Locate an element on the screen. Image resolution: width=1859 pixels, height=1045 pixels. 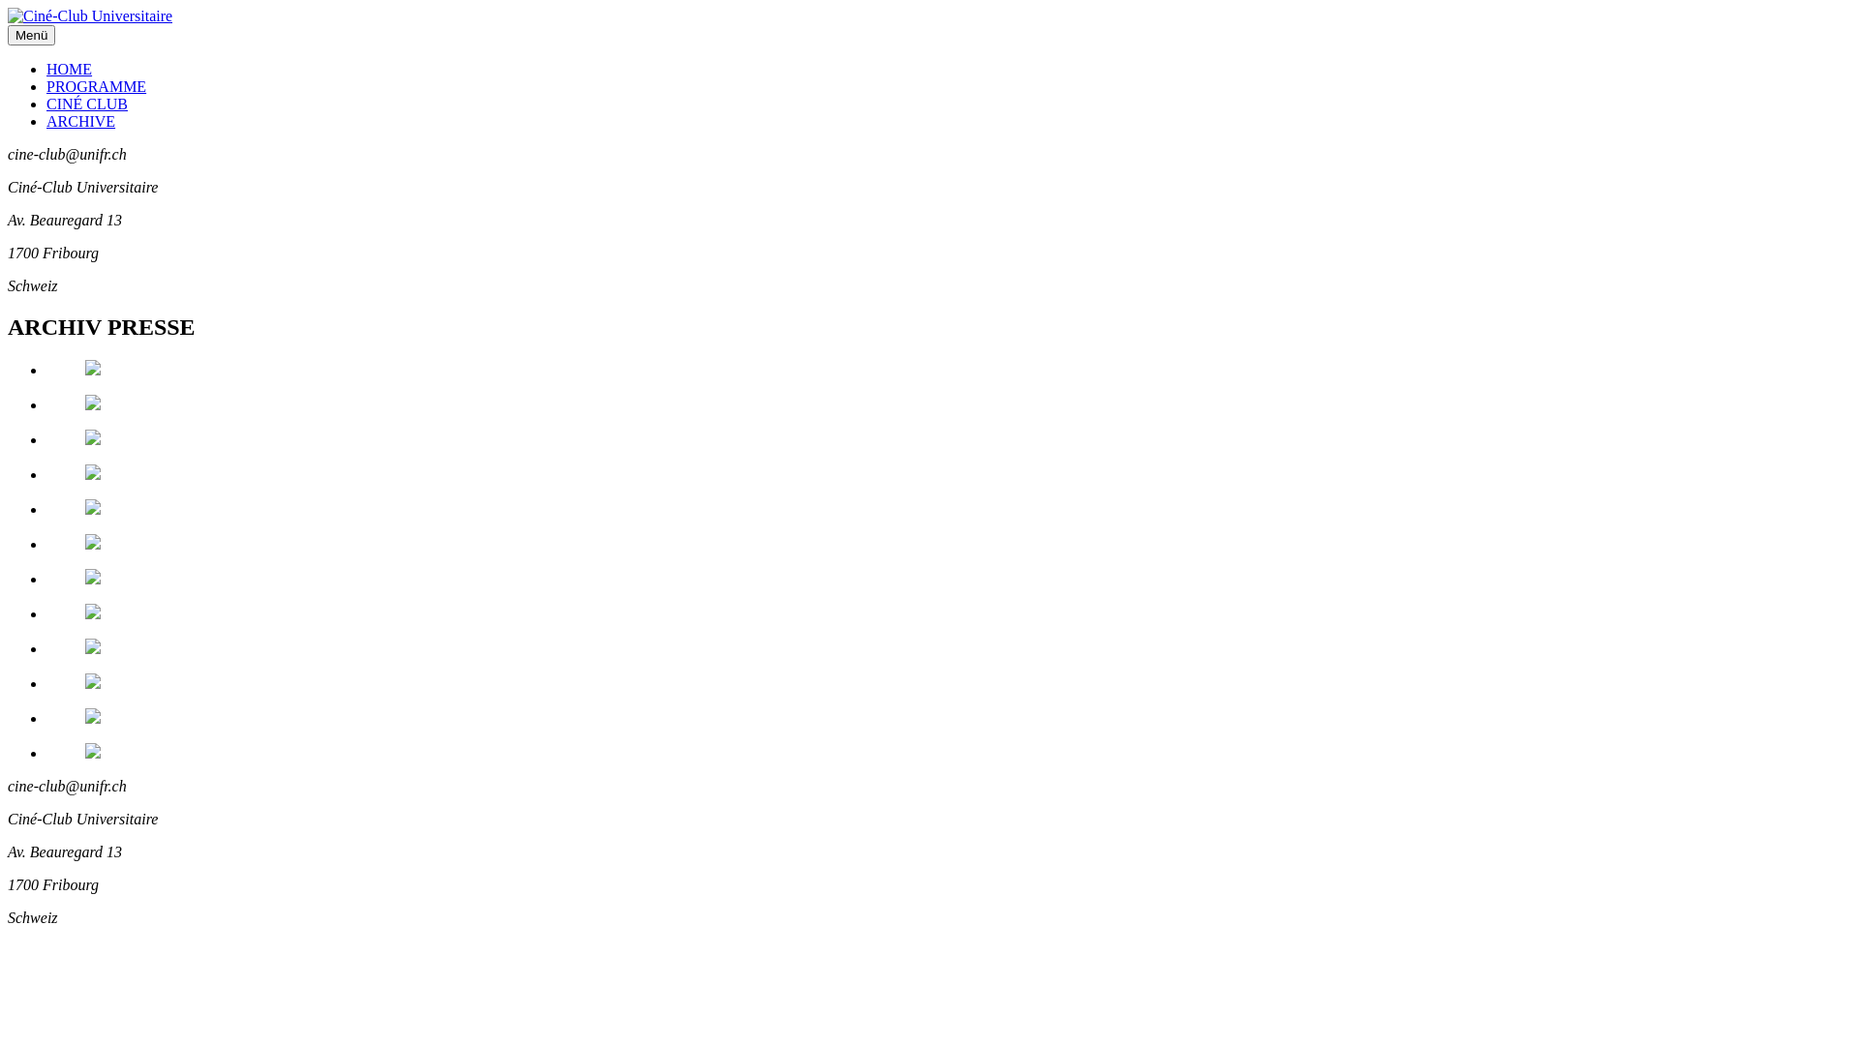
'PROGRAMME' is located at coordinates (95, 85).